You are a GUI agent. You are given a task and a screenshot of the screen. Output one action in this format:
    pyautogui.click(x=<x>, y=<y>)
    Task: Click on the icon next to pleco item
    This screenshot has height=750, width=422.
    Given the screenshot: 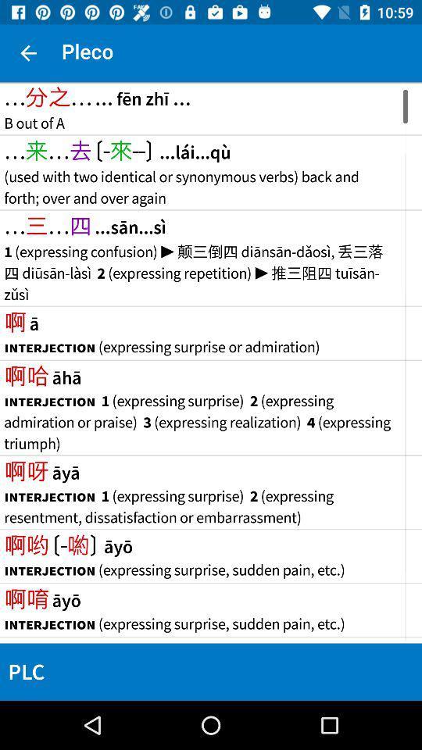 What is the action you would take?
    pyautogui.click(x=28, y=53)
    